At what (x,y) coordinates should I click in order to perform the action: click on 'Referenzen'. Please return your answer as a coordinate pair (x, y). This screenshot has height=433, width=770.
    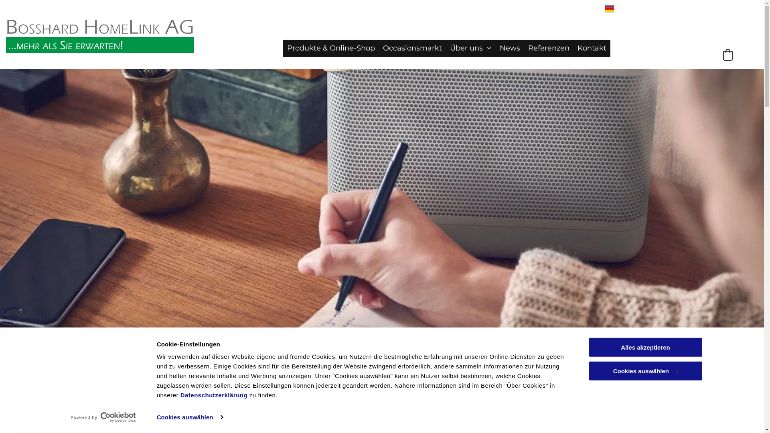
    Looking at the image, I should click on (548, 48).